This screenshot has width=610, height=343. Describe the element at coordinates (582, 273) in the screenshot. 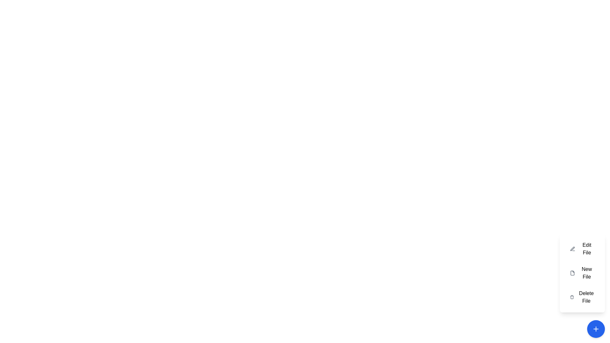

I see `the 'New File' button, which has a white background and a grey file icon, to initiate the new file creation process` at that location.